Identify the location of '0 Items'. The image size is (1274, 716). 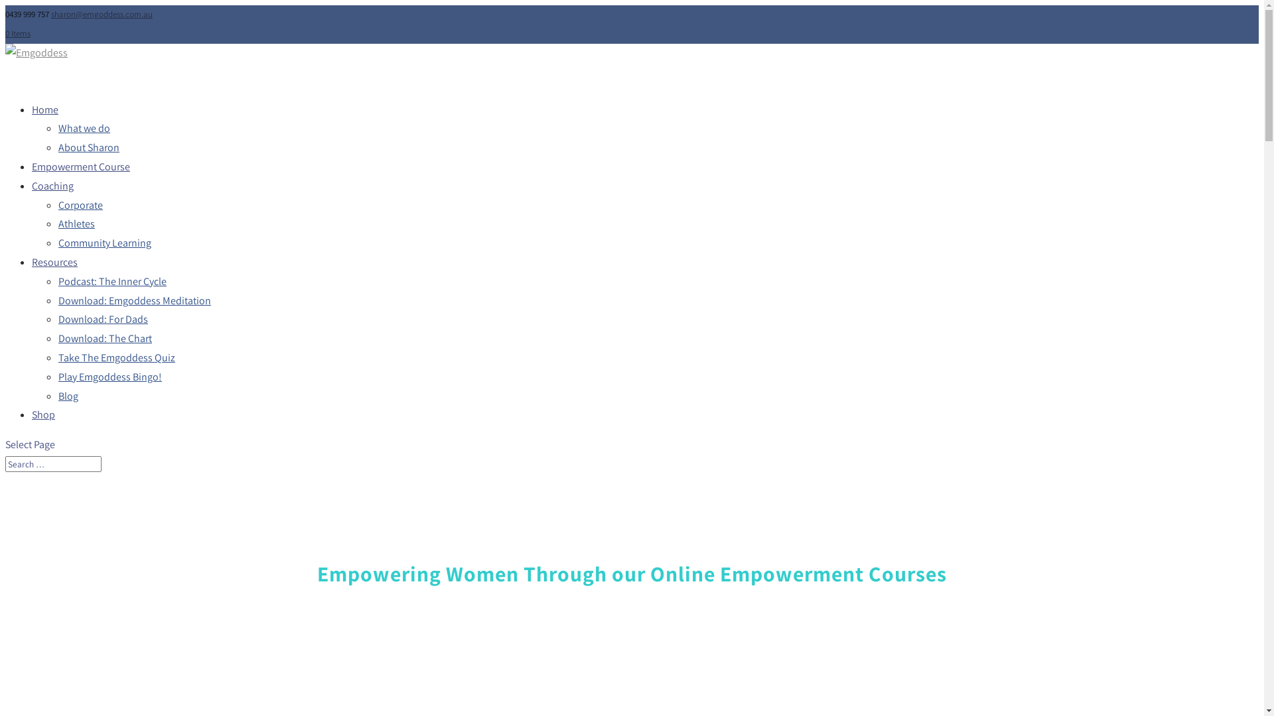
(18, 32).